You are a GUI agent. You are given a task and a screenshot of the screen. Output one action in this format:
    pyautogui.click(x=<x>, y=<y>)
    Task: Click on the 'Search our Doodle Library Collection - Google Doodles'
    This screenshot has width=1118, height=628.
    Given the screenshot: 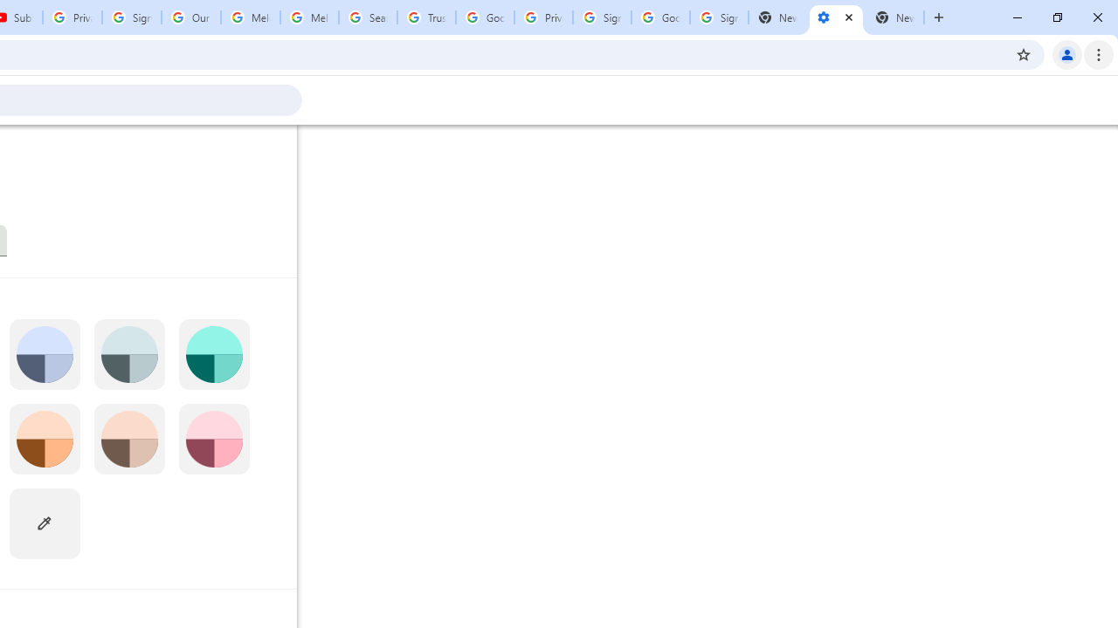 What is the action you would take?
    pyautogui.click(x=367, y=17)
    